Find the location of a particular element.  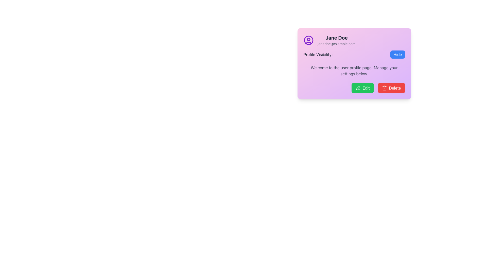

the red 'Delete' button with white text and a trash icon is located at coordinates (391, 88).